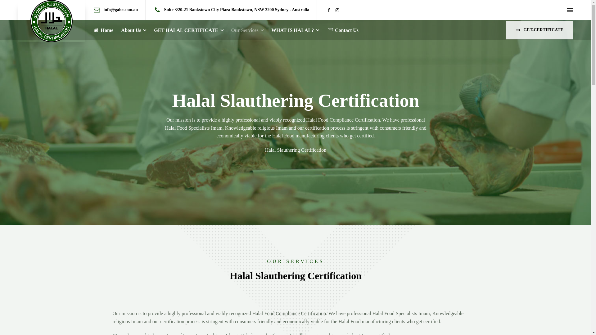 This screenshot has height=335, width=596. Describe the element at coordinates (120, 10) in the screenshot. I see `'info@gahc.com.au'` at that location.